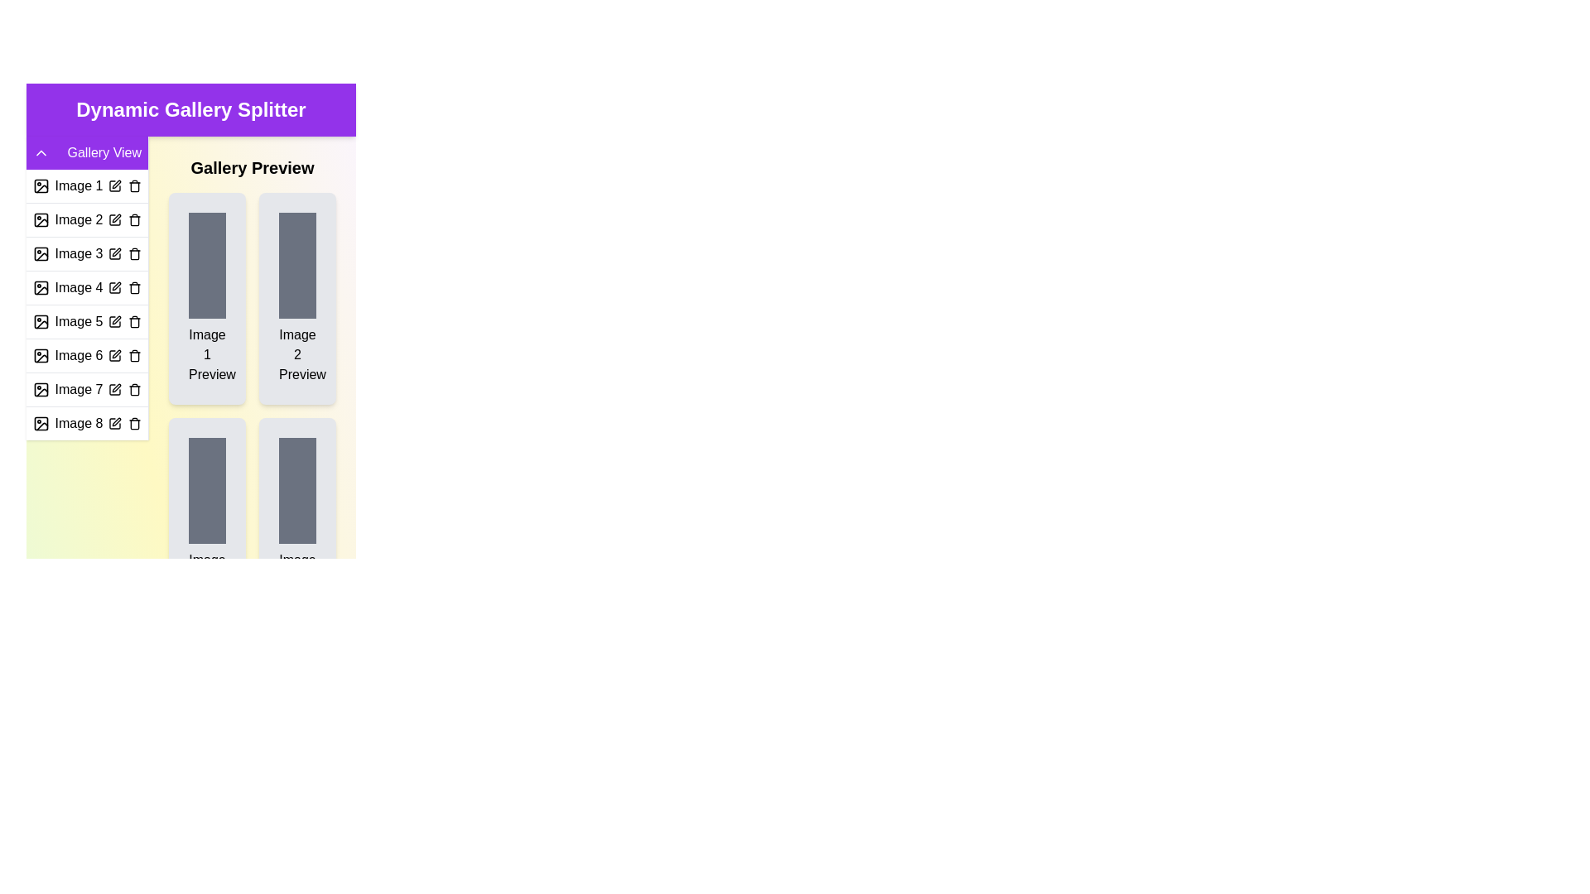  I want to click on the delete icon of the List entry labeled 'Image 7' in the Gallery View, so click(86, 389).